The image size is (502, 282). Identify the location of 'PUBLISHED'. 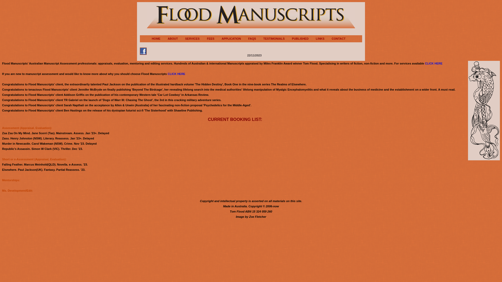
(304, 38).